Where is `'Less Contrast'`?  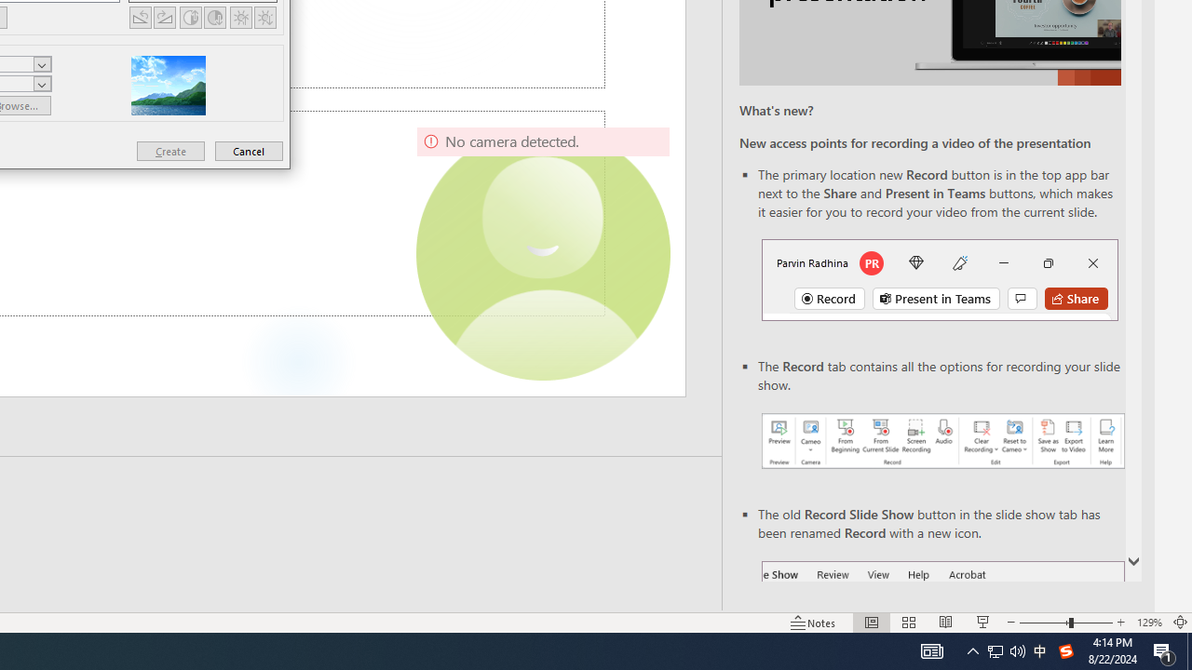 'Less Contrast' is located at coordinates (215, 17).